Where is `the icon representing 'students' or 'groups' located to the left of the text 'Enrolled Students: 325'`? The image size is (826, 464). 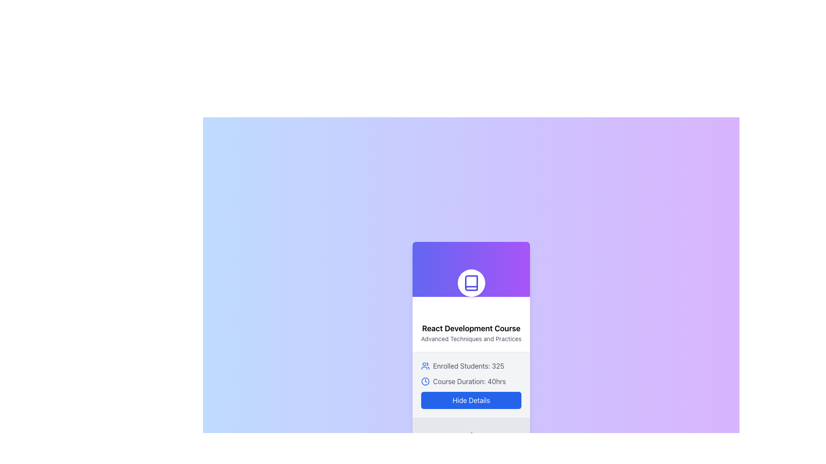 the icon representing 'students' or 'groups' located to the left of the text 'Enrolled Students: 325' is located at coordinates (425, 366).